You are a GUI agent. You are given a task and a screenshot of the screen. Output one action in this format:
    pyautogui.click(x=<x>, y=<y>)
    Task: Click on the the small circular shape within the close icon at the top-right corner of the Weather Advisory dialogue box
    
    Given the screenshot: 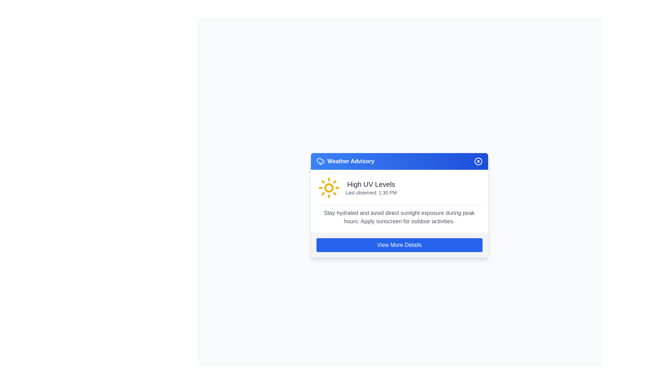 What is the action you would take?
    pyautogui.click(x=478, y=161)
    